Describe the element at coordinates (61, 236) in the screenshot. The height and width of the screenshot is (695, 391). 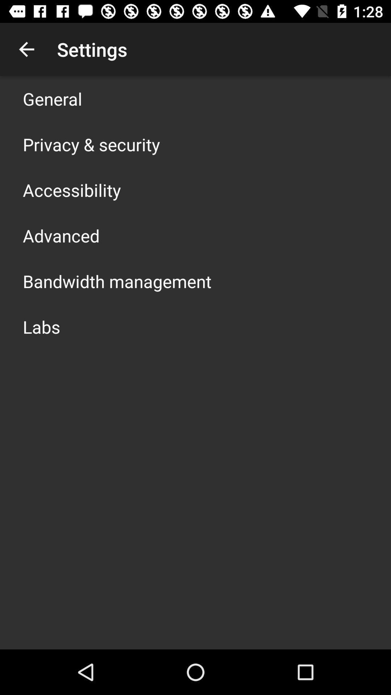
I see `item above bandwidth management icon` at that location.